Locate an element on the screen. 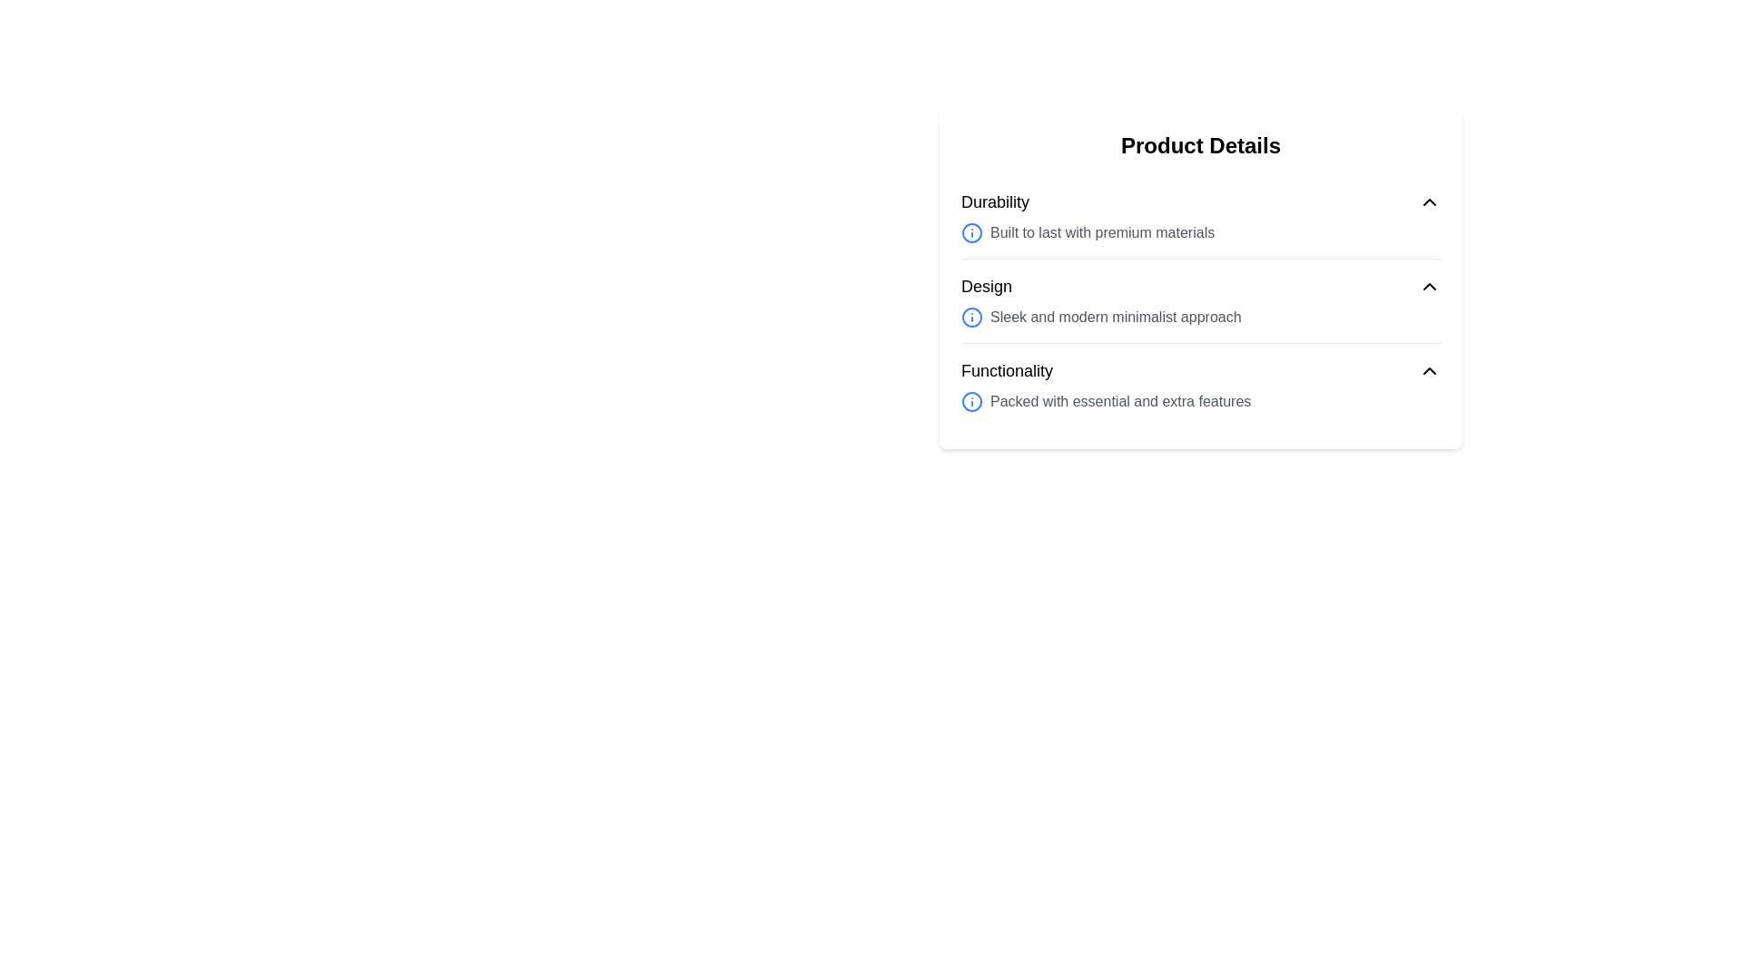  text label 'Product Details' which is prominently displayed at the top of a card-like section is located at coordinates (1201, 145).